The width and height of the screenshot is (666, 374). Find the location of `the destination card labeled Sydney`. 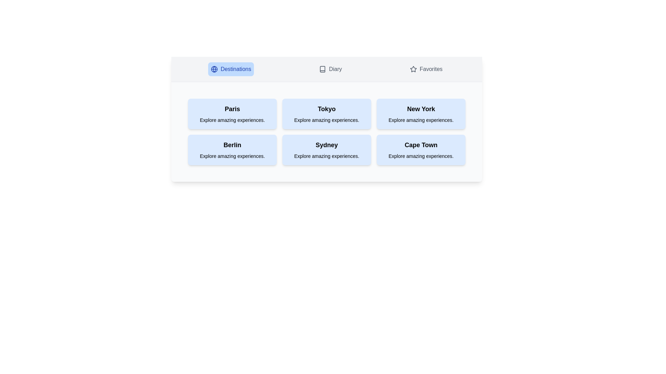

the destination card labeled Sydney is located at coordinates (326, 149).